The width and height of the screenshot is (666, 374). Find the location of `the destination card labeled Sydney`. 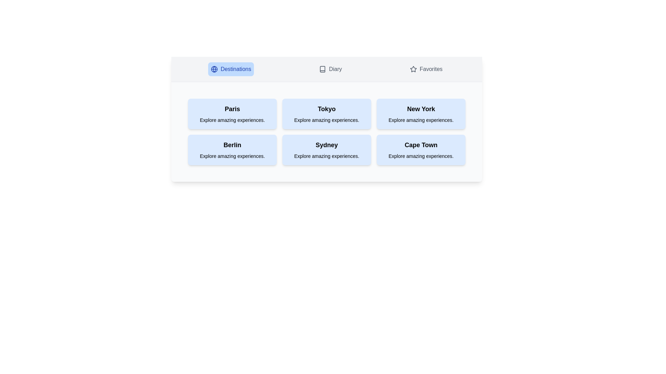

the destination card labeled Sydney is located at coordinates (326, 149).